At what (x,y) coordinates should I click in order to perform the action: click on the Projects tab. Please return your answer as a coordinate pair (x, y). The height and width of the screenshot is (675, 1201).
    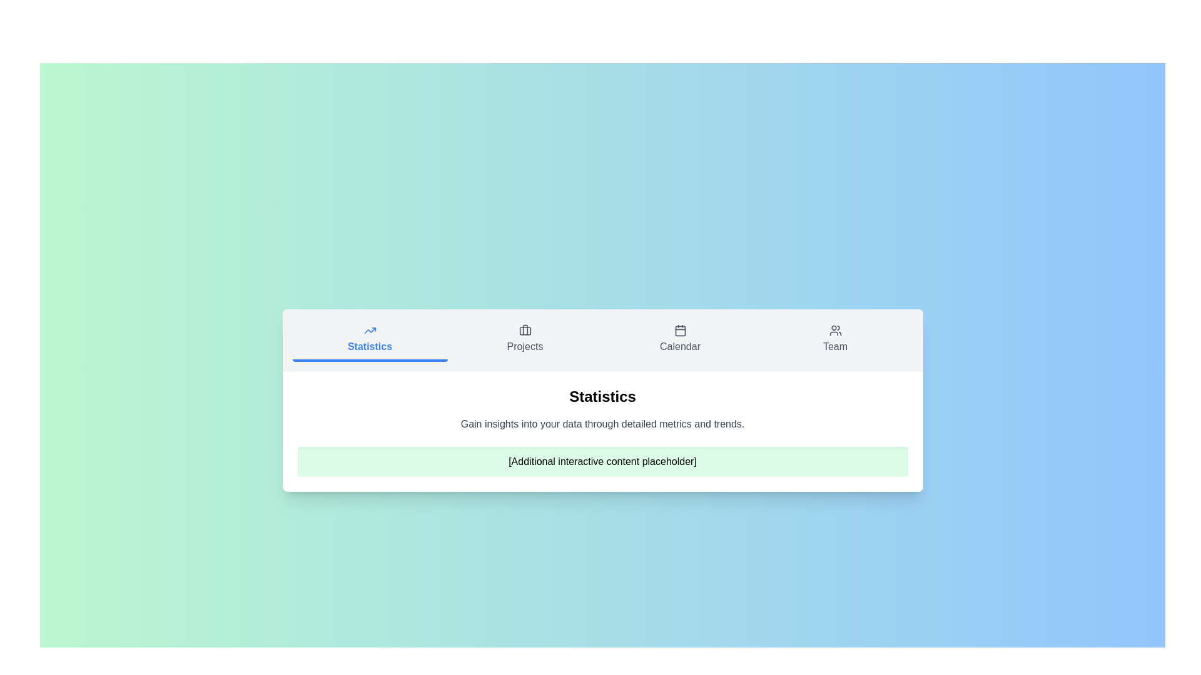
    Looking at the image, I should click on (525, 340).